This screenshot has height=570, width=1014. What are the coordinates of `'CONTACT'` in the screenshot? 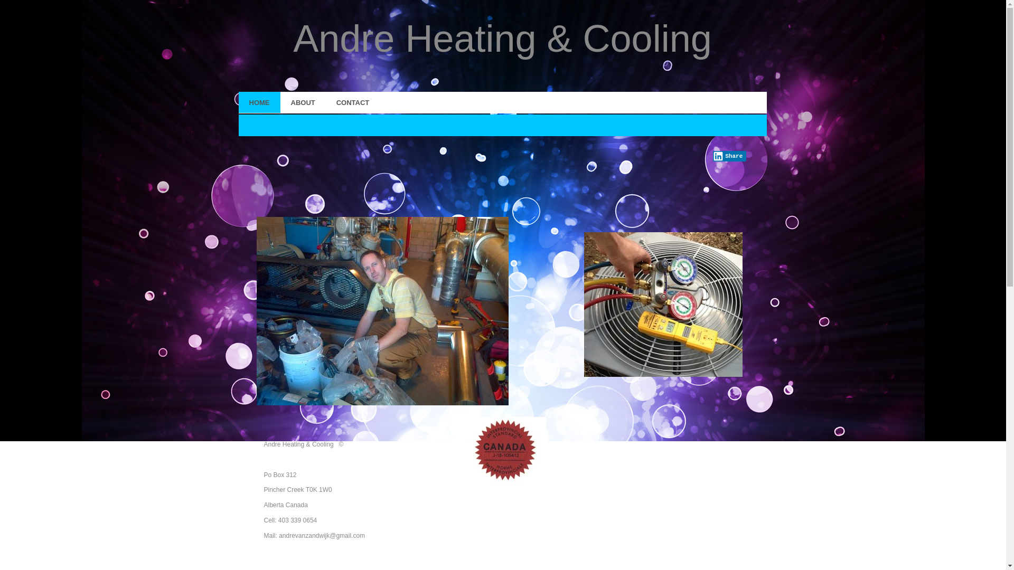 It's located at (353, 102).